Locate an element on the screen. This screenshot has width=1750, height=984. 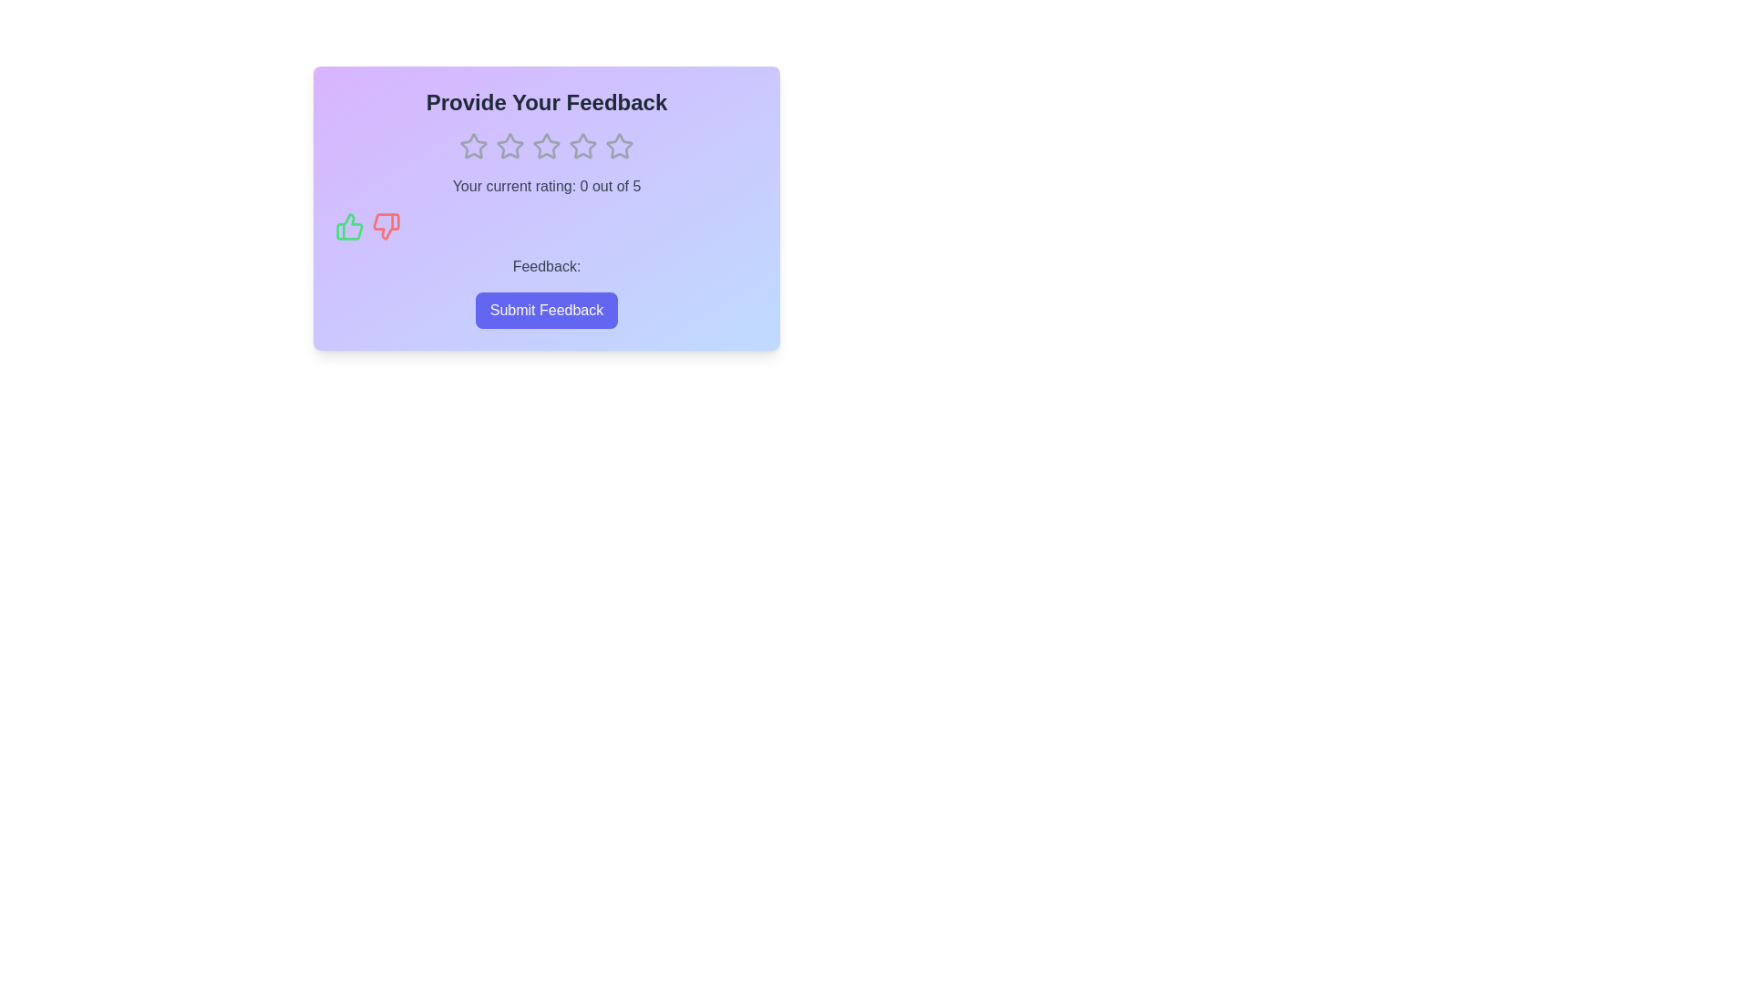
thumbs down icon to provide negative feedback is located at coordinates (385, 226).